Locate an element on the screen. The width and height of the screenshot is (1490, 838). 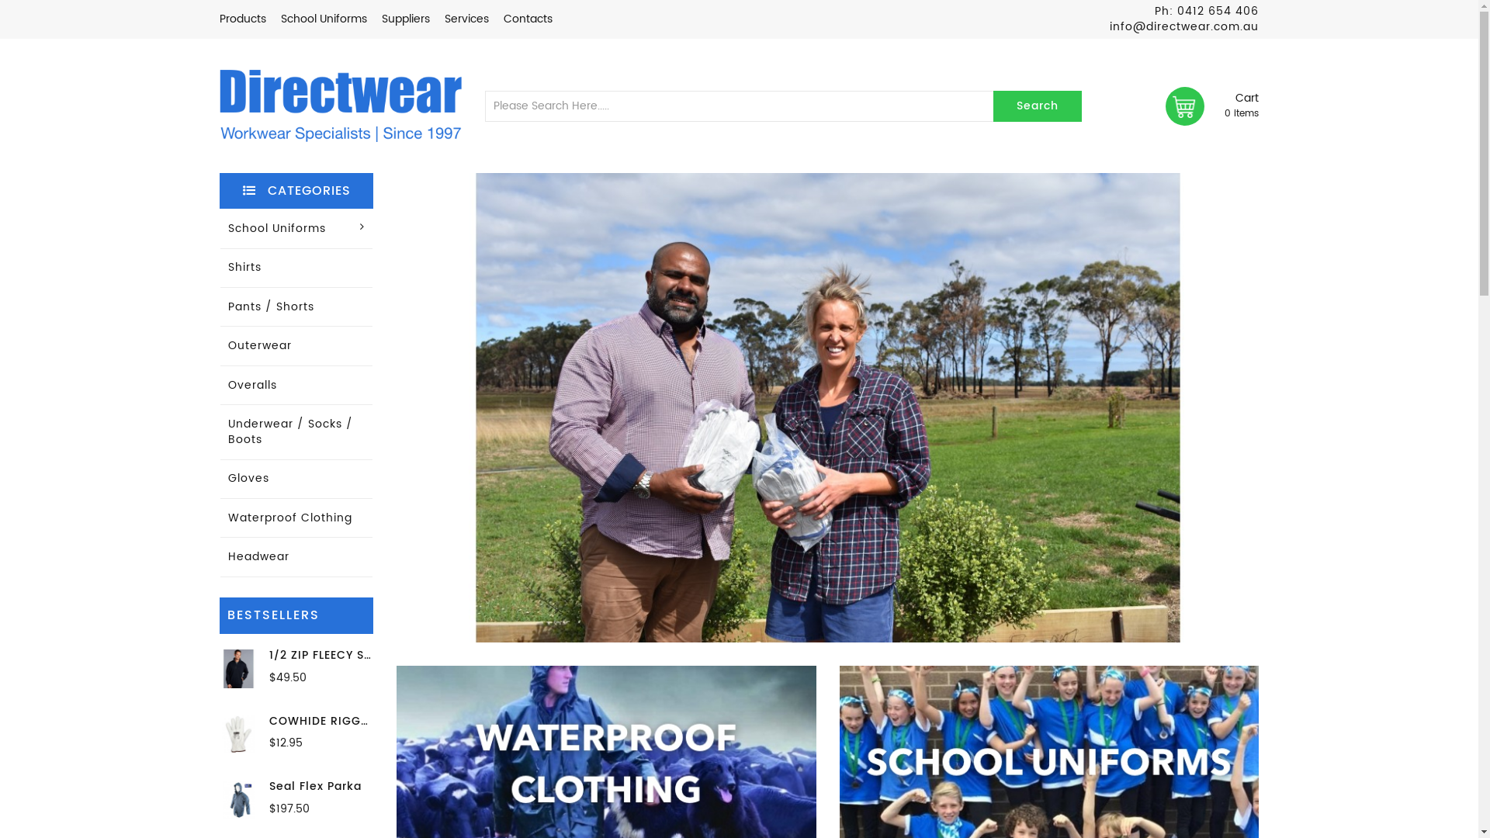
'Suppliers' is located at coordinates (406, 19).